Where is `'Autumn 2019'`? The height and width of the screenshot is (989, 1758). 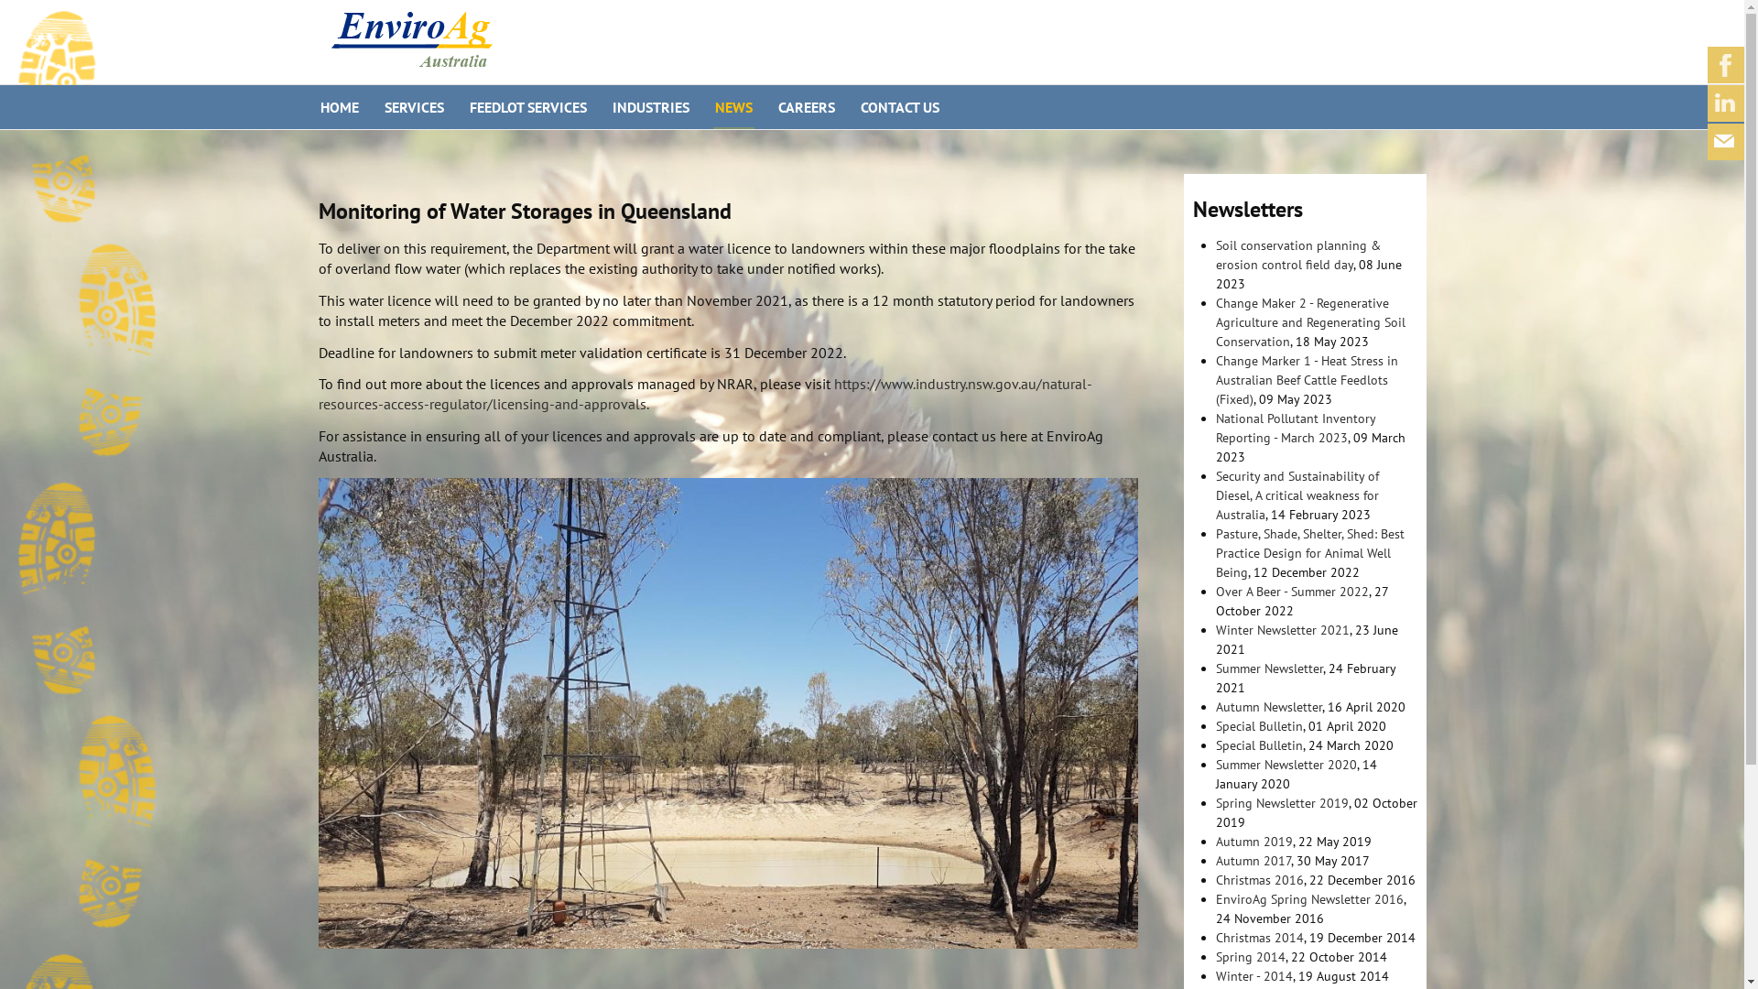
'Autumn 2019' is located at coordinates (1253, 841).